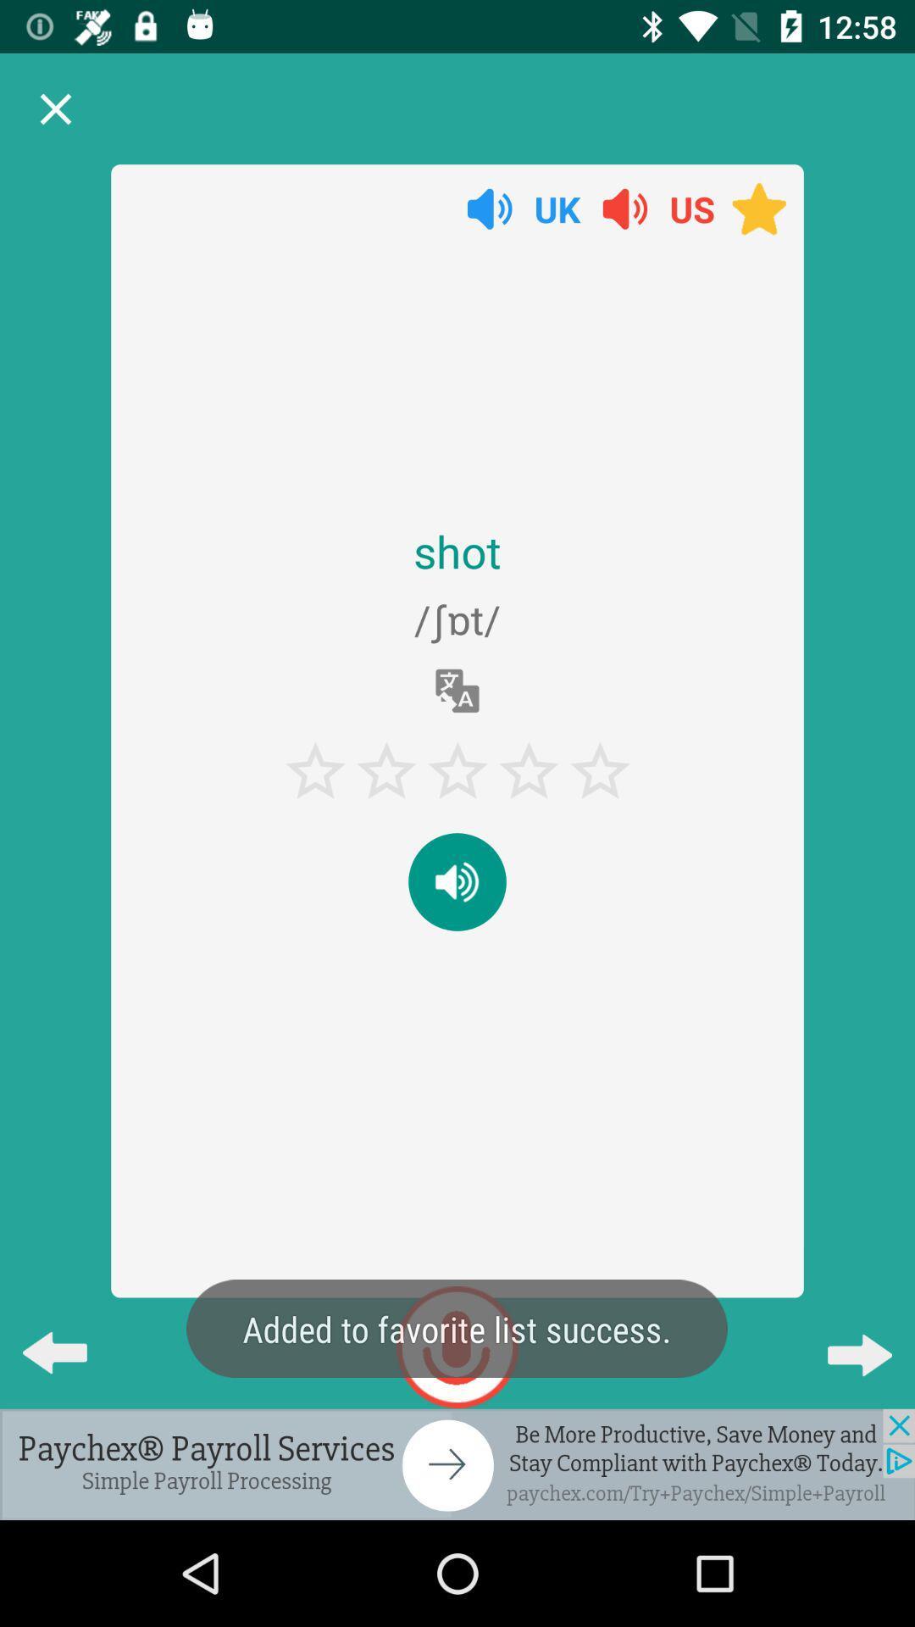 This screenshot has height=1627, width=915. Describe the element at coordinates (490, 208) in the screenshot. I see `first volume icon which is left to the uk` at that location.